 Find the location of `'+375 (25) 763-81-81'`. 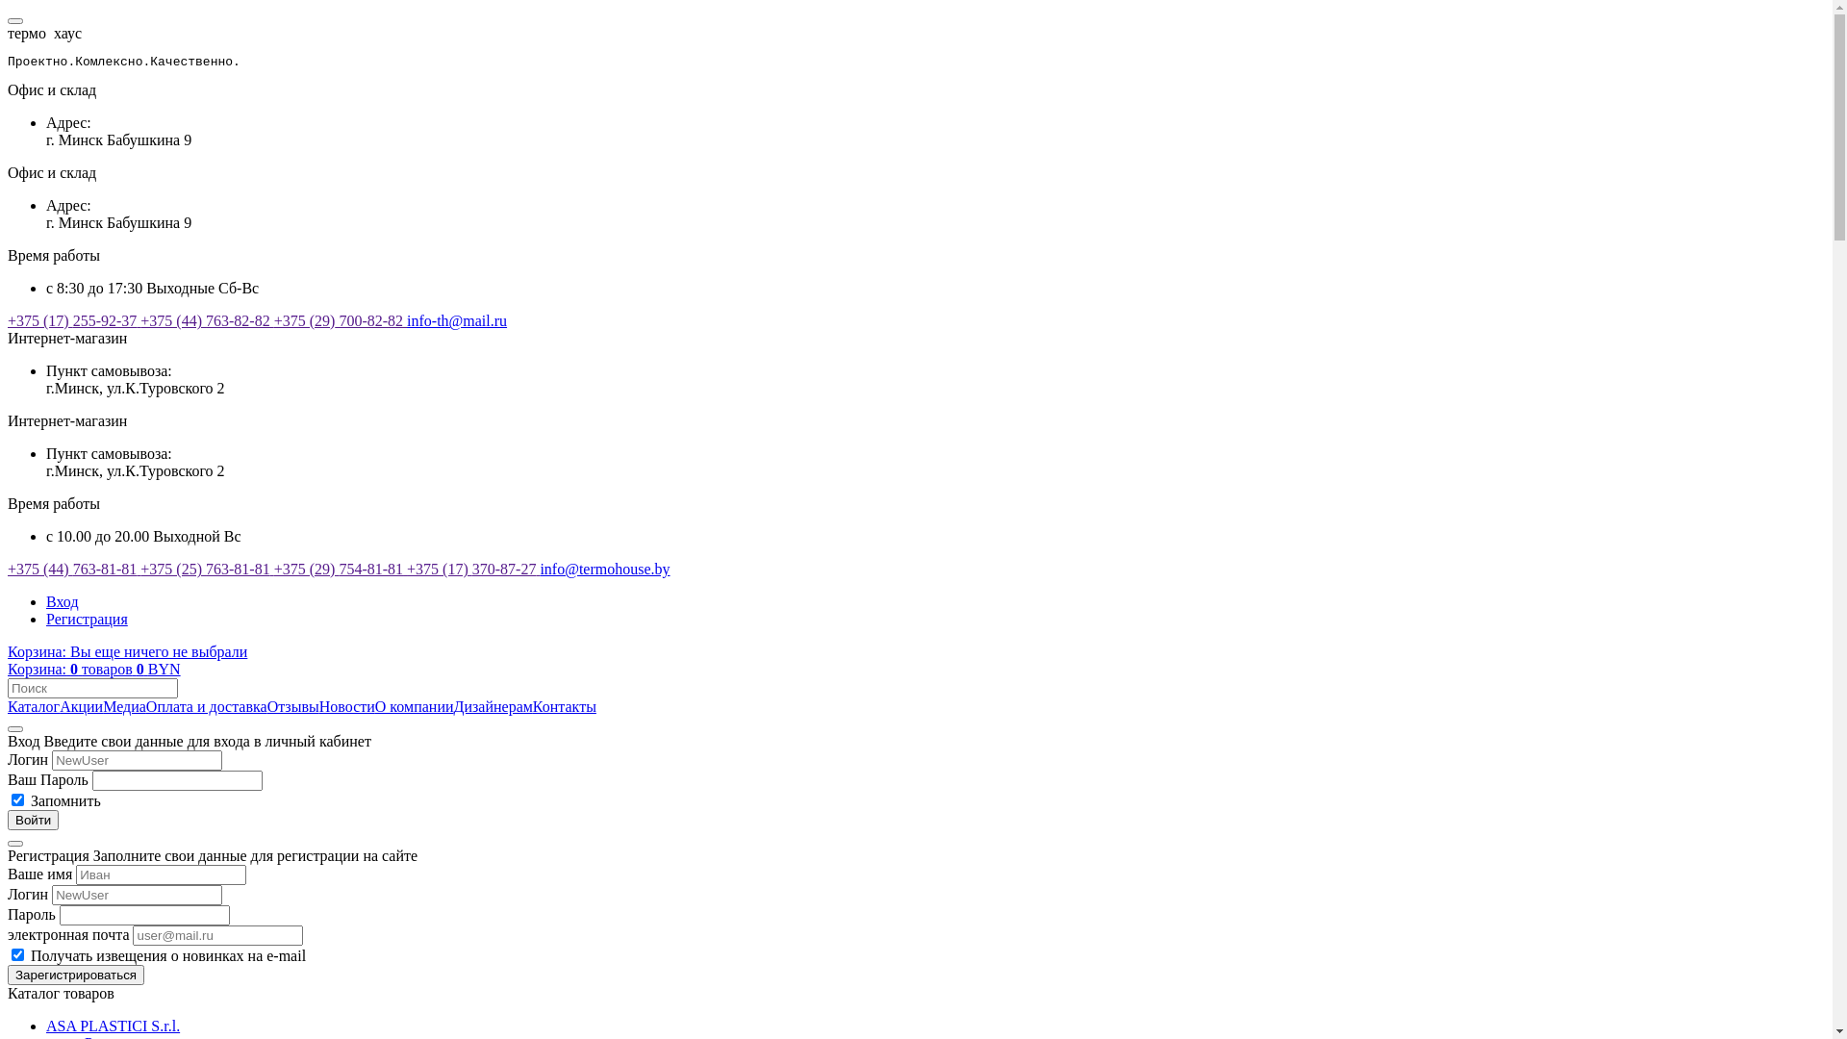

'+375 (25) 763-81-81' is located at coordinates (207, 568).